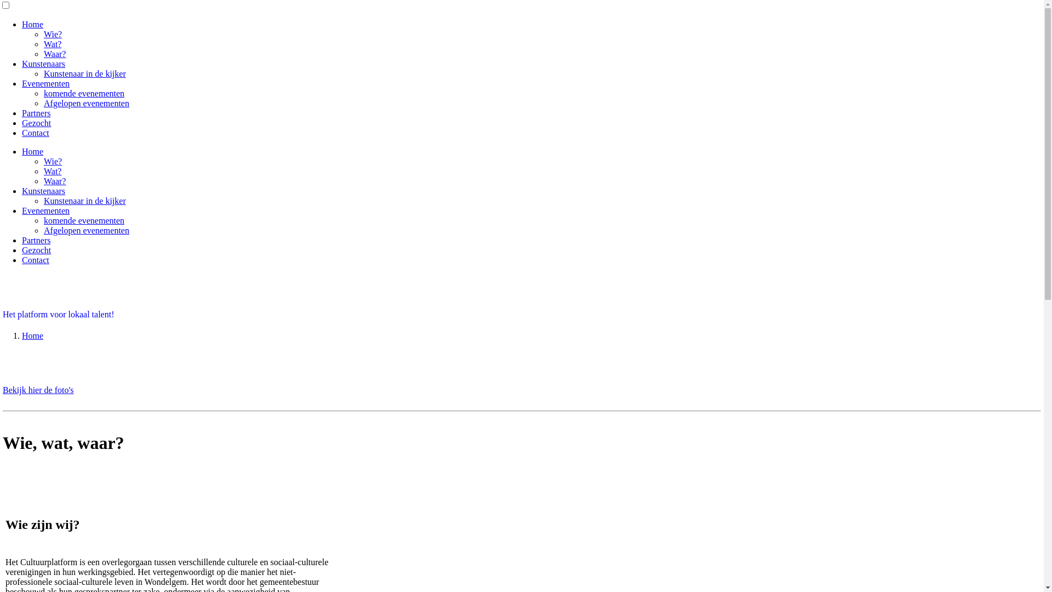 The width and height of the screenshot is (1052, 592). Describe the element at coordinates (32, 335) in the screenshot. I see `'Home'` at that location.